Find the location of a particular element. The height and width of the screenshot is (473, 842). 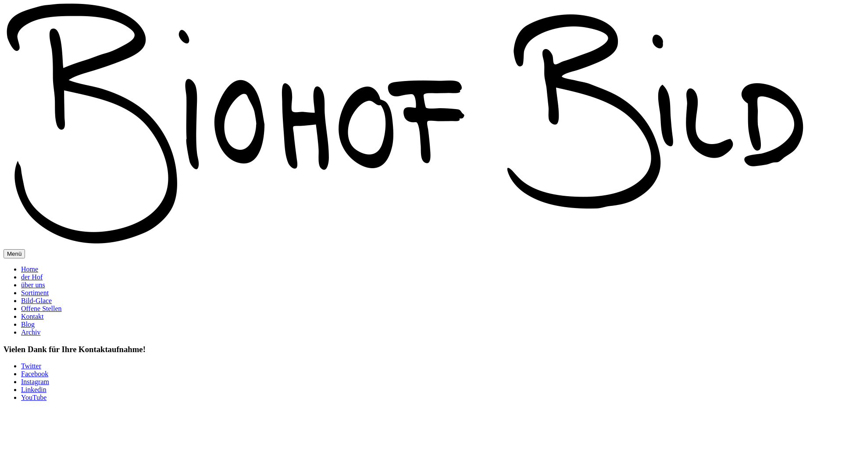

'Biohof Bild' is located at coordinates (403, 125).